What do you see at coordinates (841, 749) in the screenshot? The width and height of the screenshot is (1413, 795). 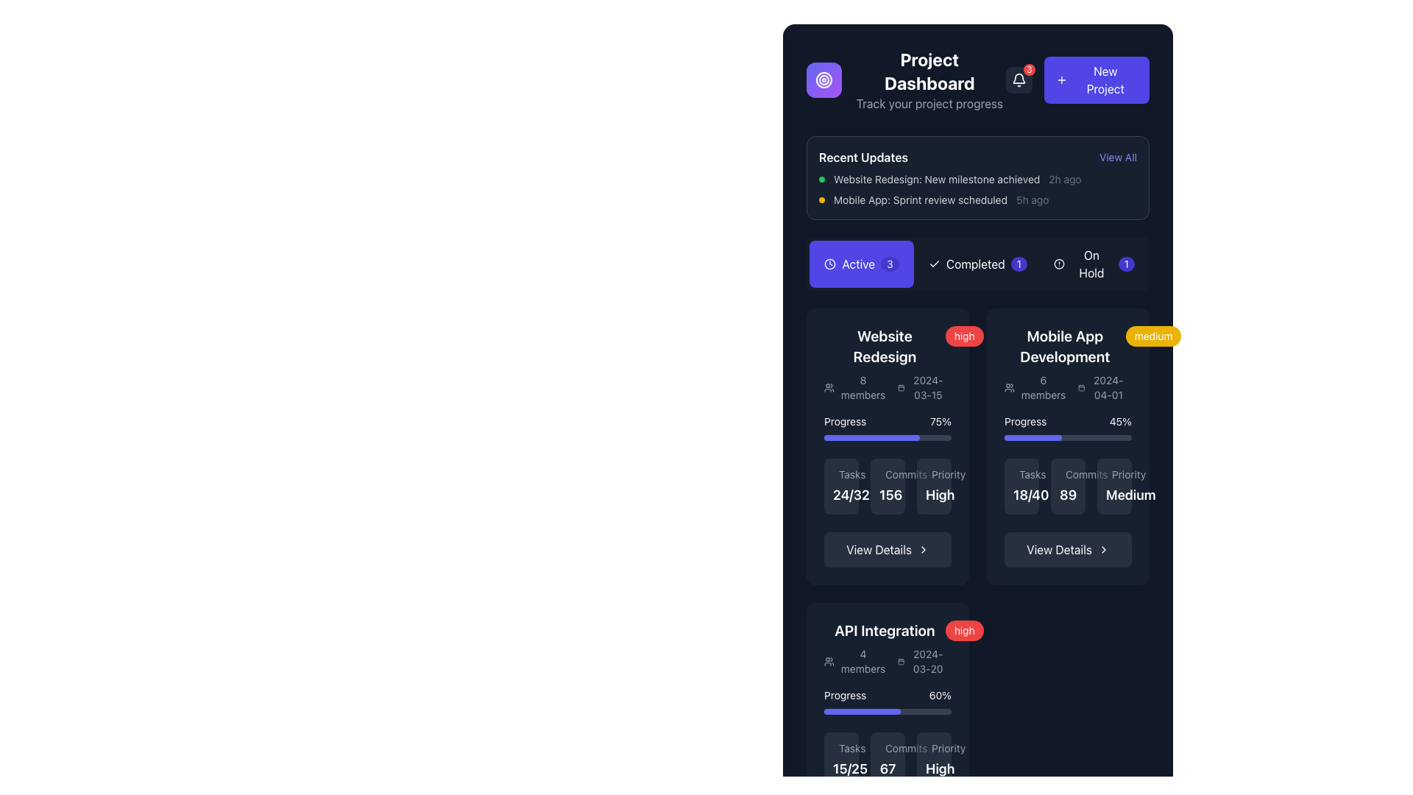 I see `the text label saying 'Tasks' which is styled with a thin, gray-colored font and located in the bottom-left corner of the 'API Integration' section` at bounding box center [841, 749].